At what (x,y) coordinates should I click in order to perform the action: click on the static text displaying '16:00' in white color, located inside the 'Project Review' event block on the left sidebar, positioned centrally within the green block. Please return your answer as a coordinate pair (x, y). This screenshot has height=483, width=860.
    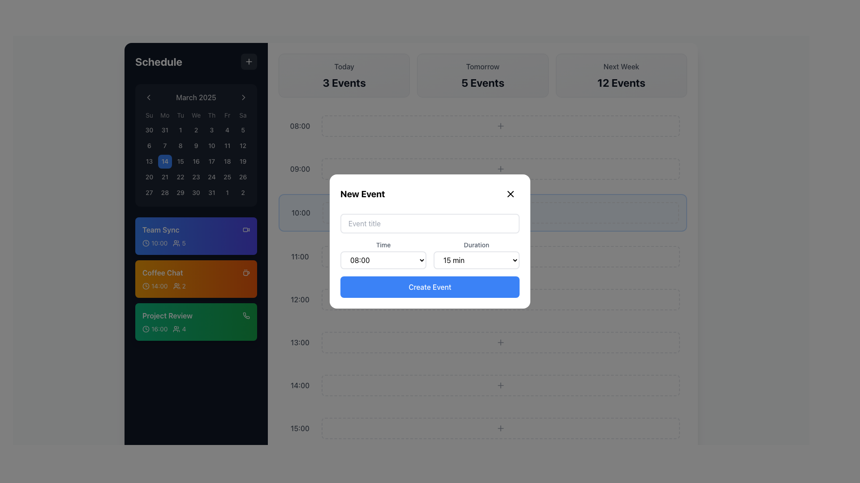
    Looking at the image, I should click on (159, 329).